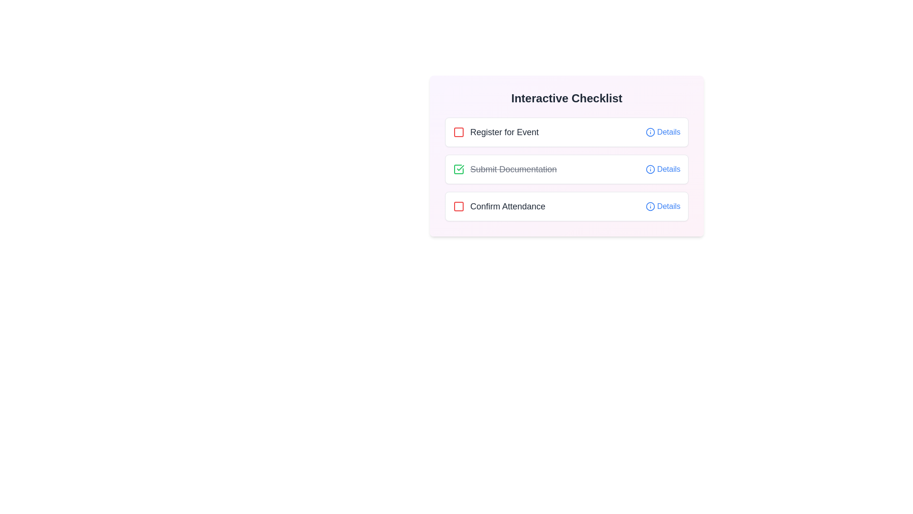 This screenshot has height=514, width=913. Describe the element at coordinates (668, 168) in the screenshot. I see `the blue-colored textual label displaying the word 'Details'` at that location.